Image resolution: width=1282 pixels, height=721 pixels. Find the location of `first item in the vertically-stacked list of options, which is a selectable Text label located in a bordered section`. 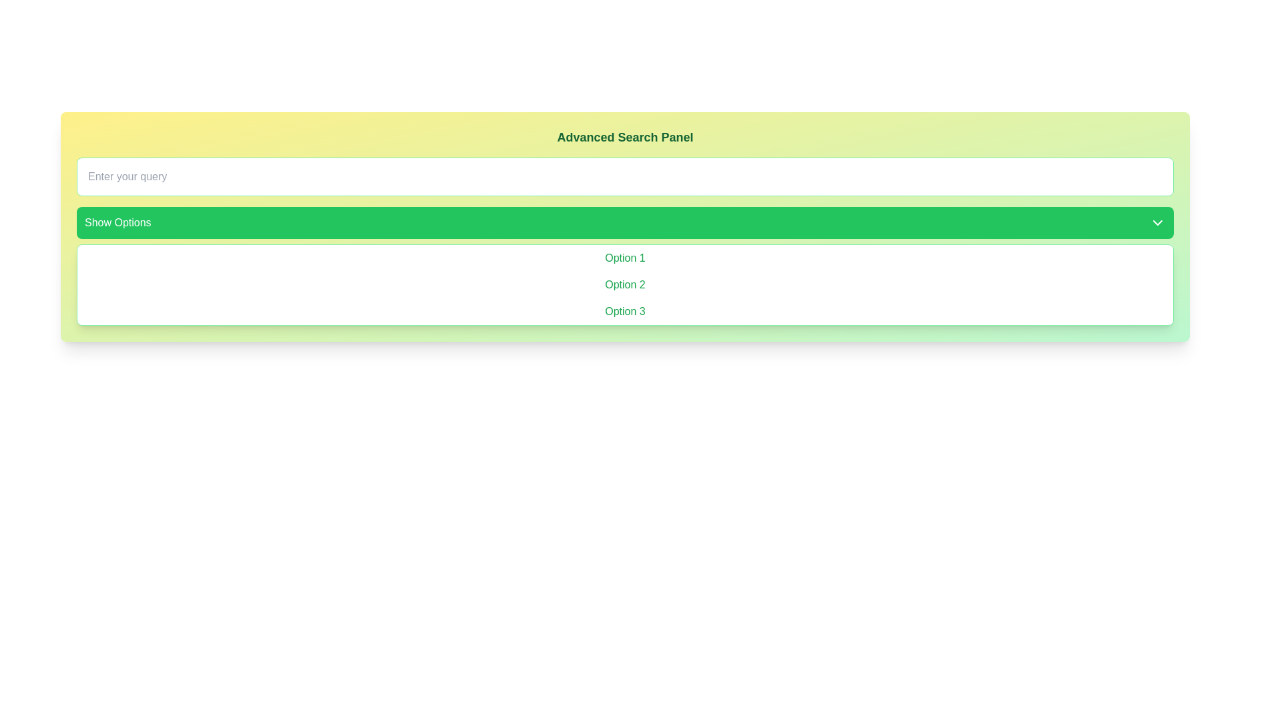

first item in the vertically-stacked list of options, which is a selectable Text label located in a bordered section is located at coordinates (624, 258).